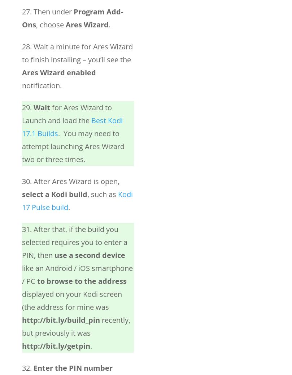  What do you see at coordinates (71, 300) in the screenshot?
I see `'displayed on your Kodi screen (the address for mine was'` at bounding box center [71, 300].